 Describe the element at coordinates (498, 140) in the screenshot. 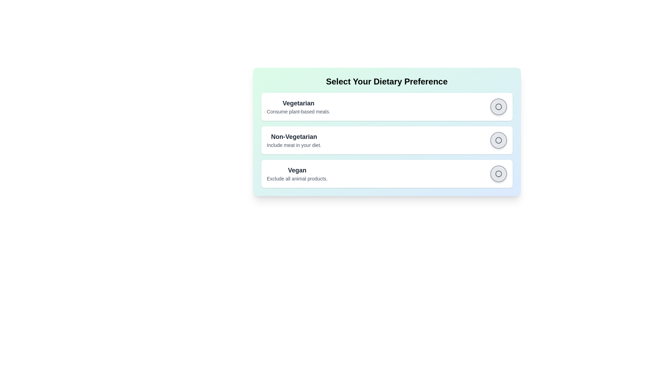

I see `the 'Non-Vegetarian' radio button` at that location.